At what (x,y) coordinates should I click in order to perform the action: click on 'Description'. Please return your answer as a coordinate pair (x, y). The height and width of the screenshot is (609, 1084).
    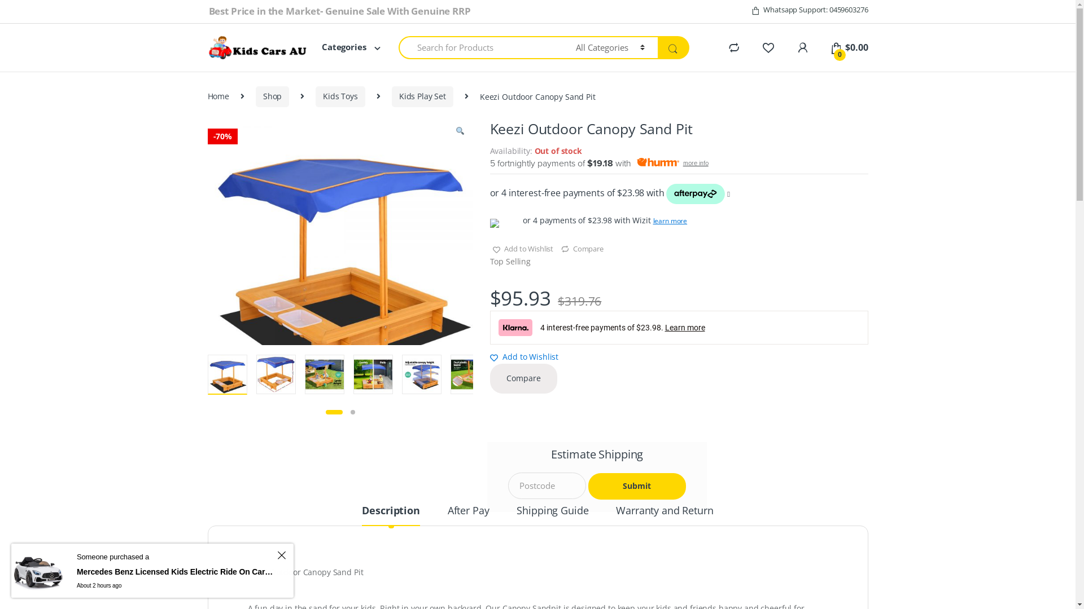
    Looking at the image, I should click on (390, 515).